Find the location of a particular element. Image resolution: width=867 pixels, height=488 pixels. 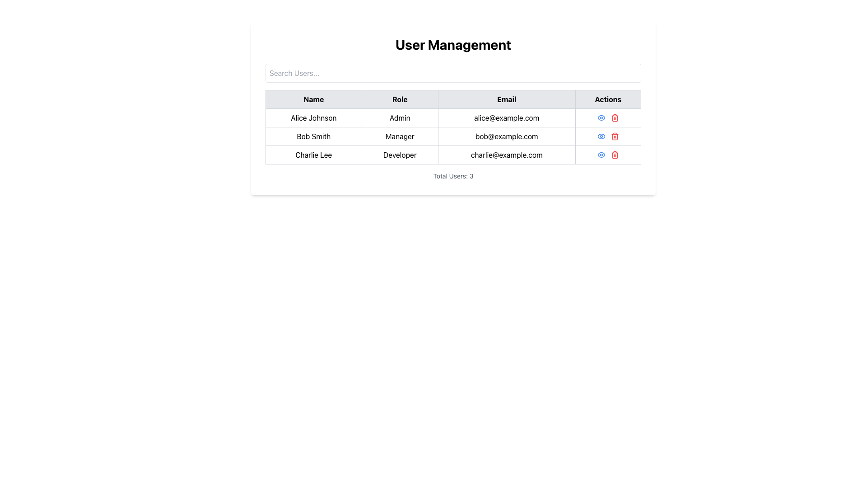

the text label that displays the role designation for the associated individual, located in the second row and second column of the data table under the 'Role' column, next to 'Bob Smith' and 'bob@example.com' is located at coordinates (399, 136).